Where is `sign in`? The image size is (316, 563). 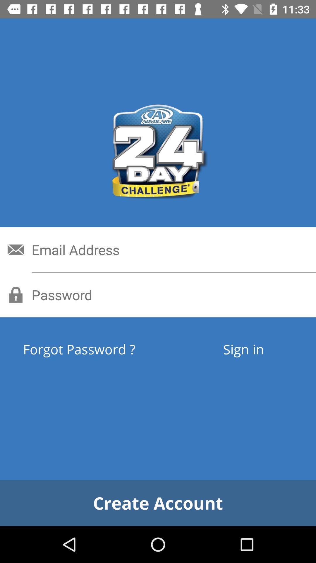 sign in is located at coordinates (243, 349).